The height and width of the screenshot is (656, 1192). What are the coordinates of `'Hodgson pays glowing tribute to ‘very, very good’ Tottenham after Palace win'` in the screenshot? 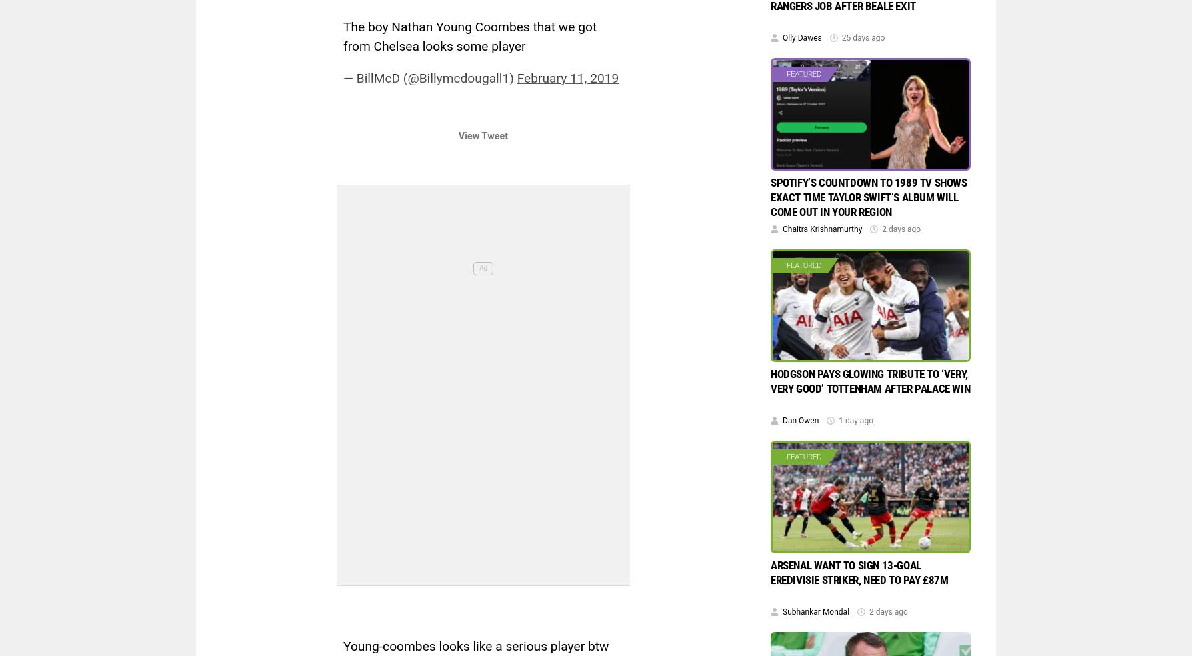 It's located at (869, 380).